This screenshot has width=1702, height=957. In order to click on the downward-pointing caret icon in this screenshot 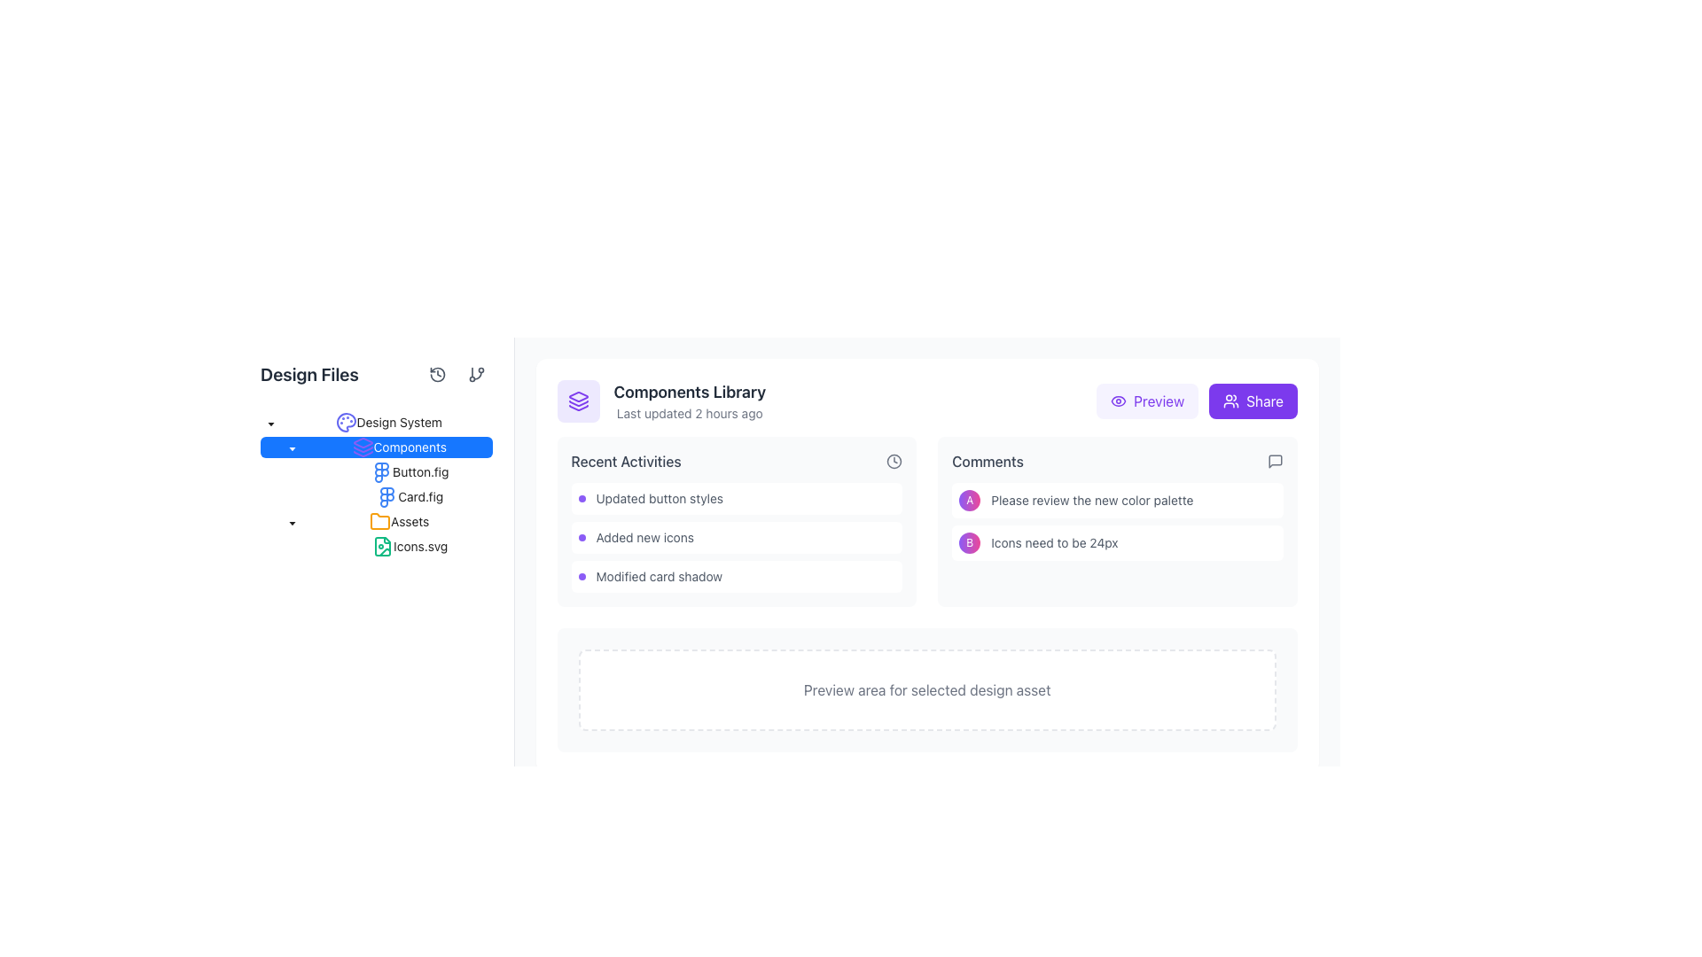, I will do `click(293, 447)`.